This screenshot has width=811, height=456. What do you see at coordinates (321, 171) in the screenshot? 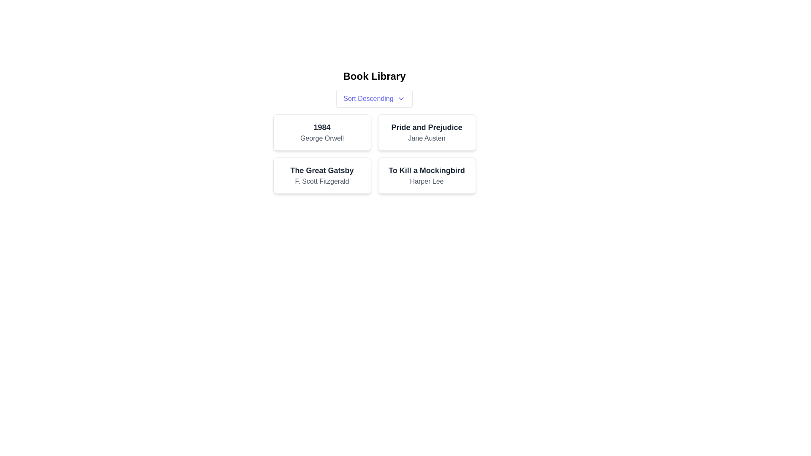
I see `the text label that serves as the header or title for the book, positioned in the bottom-left quadrant of its card, directly above the author's name` at bounding box center [321, 171].